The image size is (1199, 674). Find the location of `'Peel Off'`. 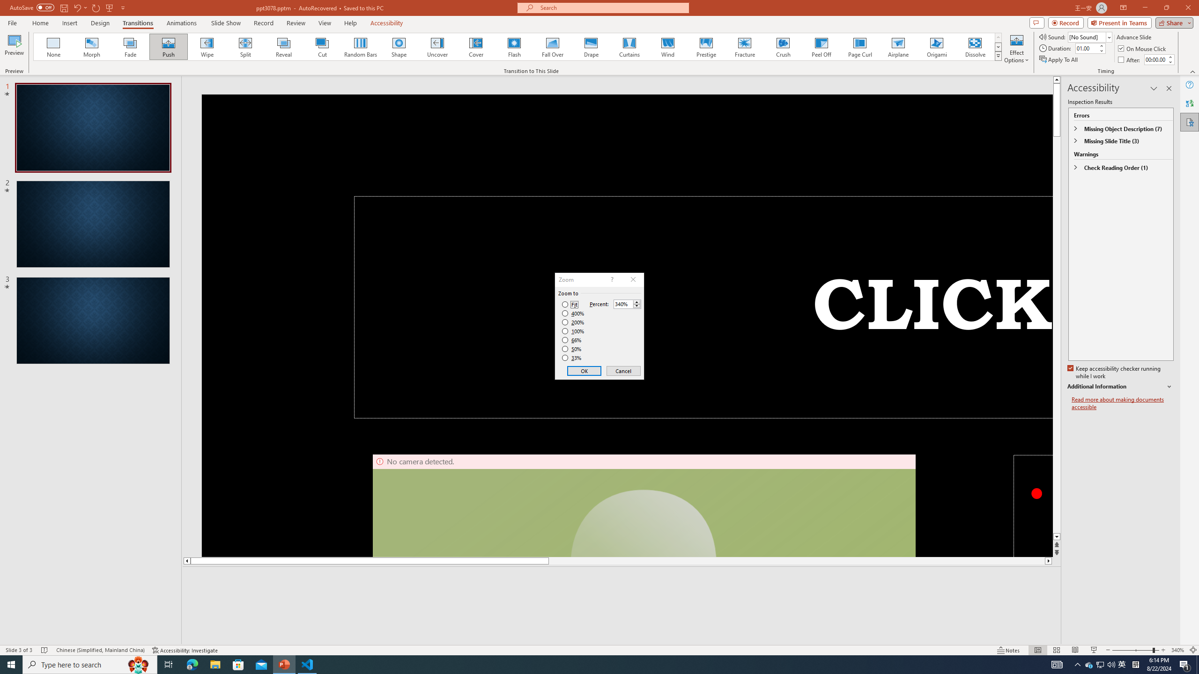

'Peel Off' is located at coordinates (821, 46).